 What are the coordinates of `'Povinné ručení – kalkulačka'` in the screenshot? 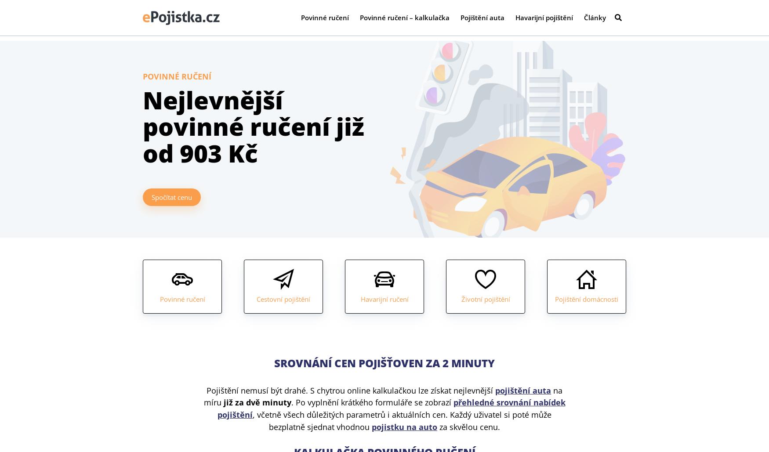 It's located at (404, 20).